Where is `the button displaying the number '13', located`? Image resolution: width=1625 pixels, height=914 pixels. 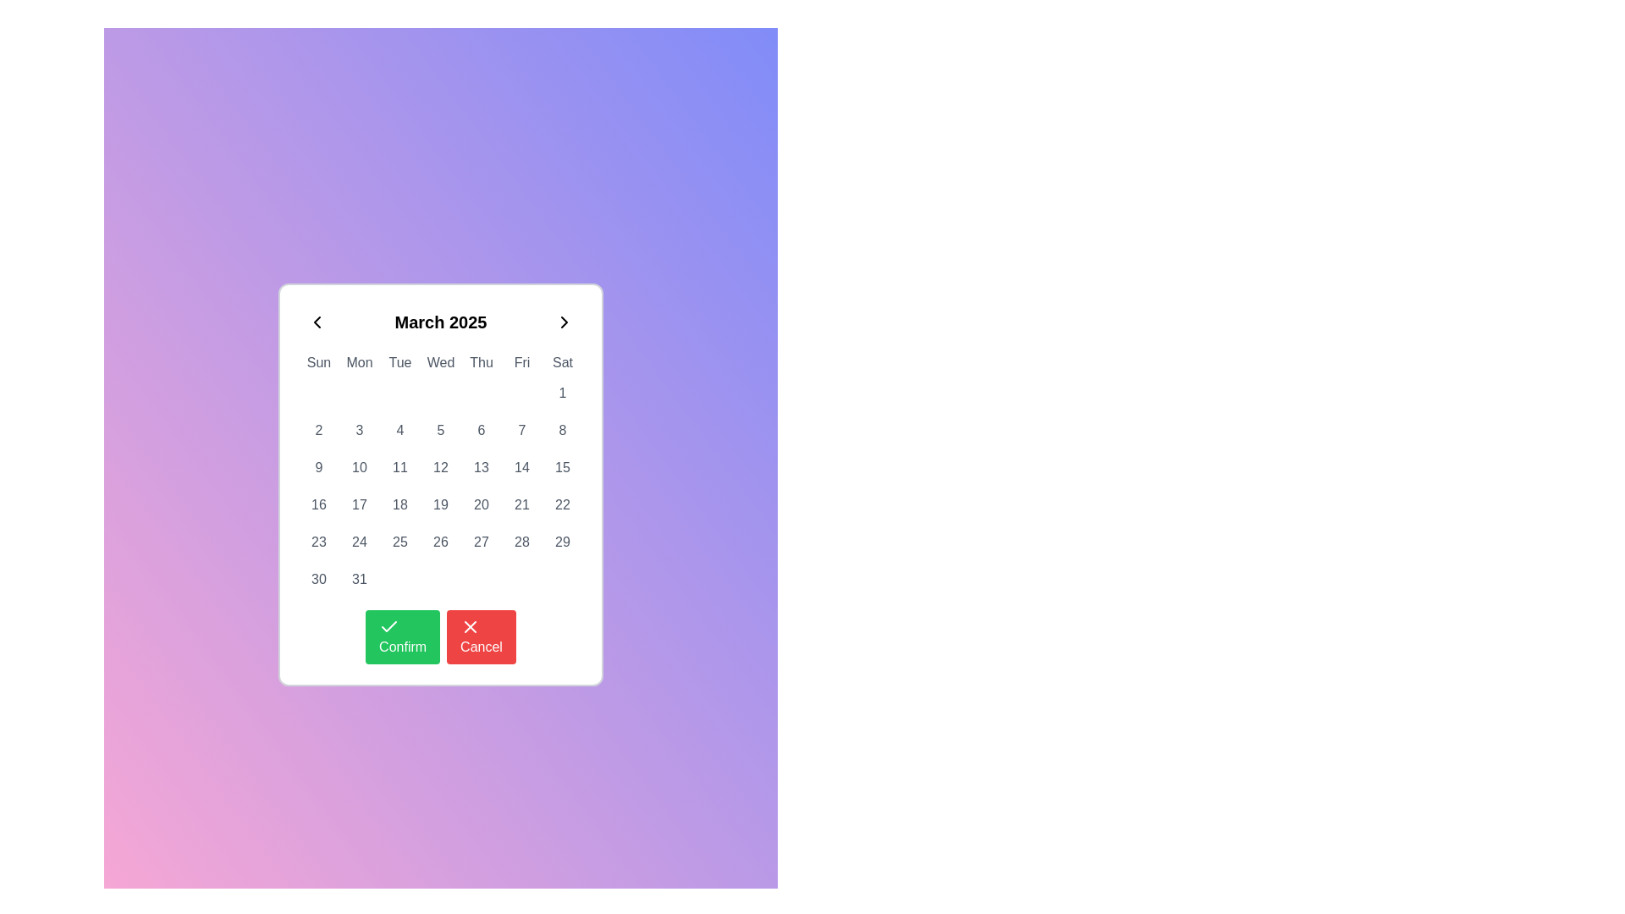
the button displaying the number '13', located is located at coordinates (481, 467).